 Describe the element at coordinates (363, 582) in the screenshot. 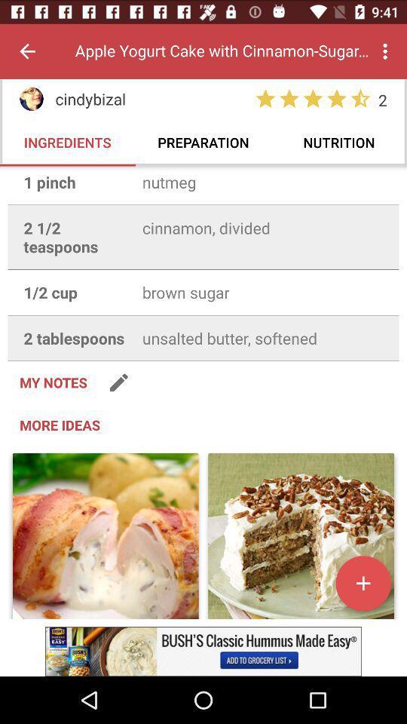

I see `the add icon` at that location.